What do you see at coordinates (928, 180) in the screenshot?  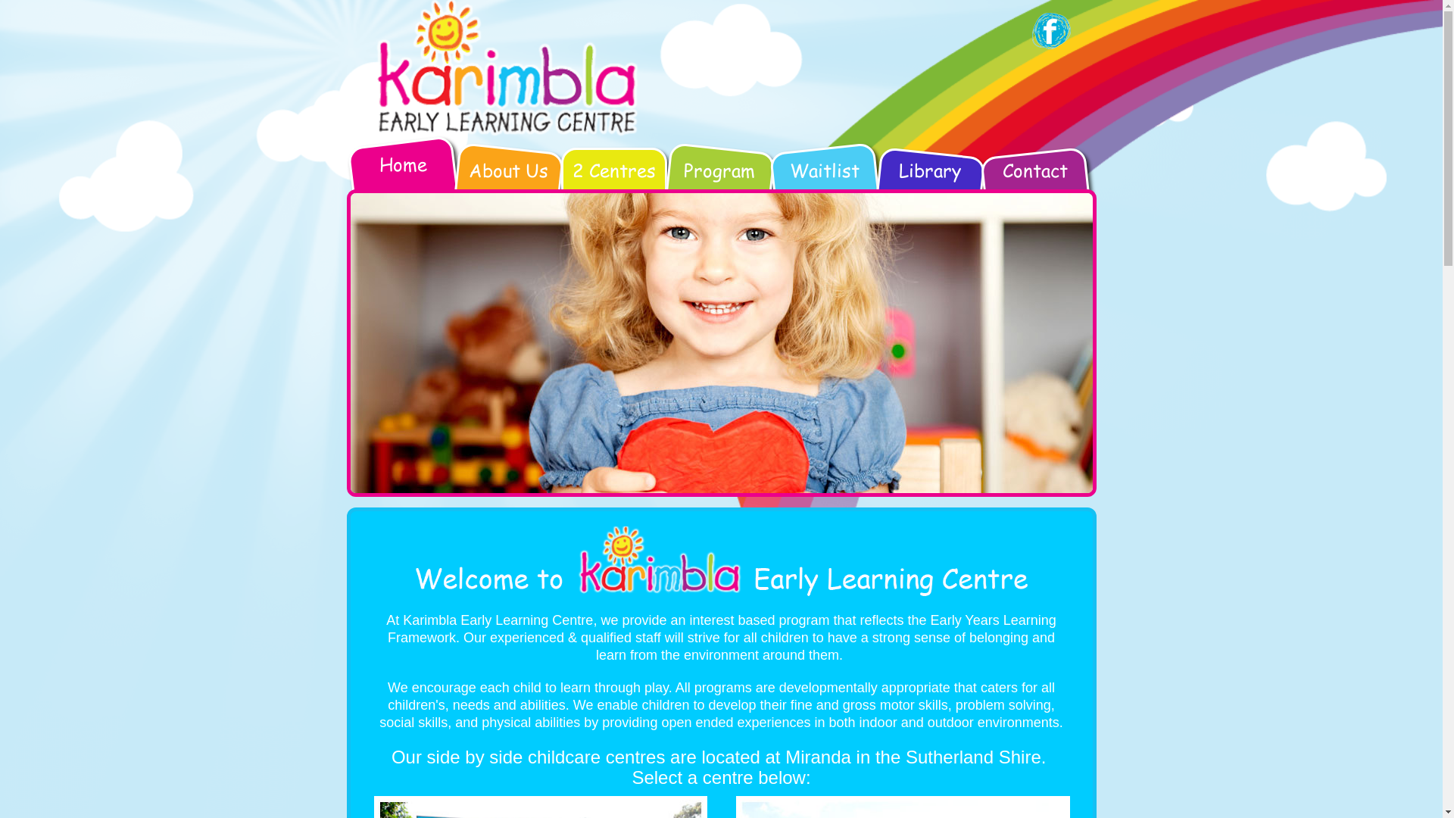 I see `'Library'` at bounding box center [928, 180].